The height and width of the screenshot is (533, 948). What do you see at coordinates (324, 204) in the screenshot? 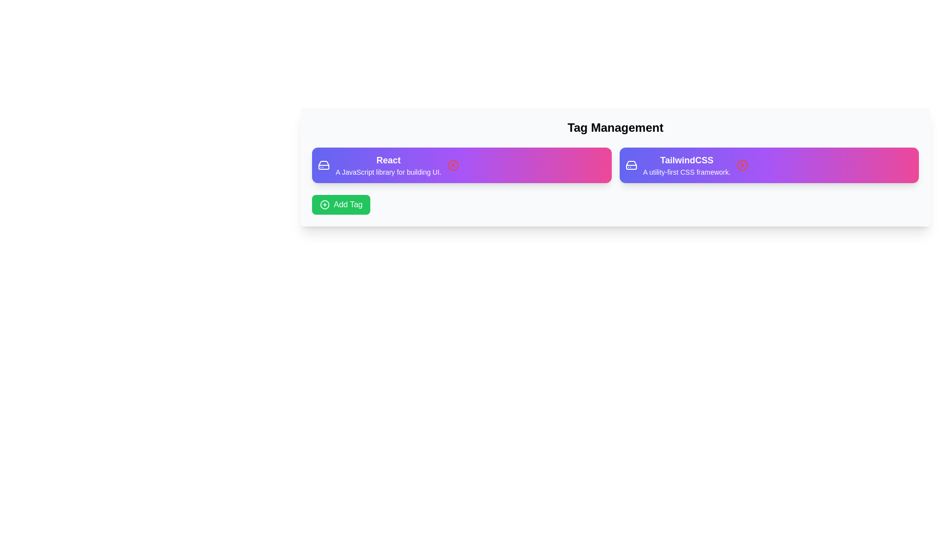
I see `the outermost circle of the 'Add Tag' button, which forms the circular boundary around the plus sign icon` at bounding box center [324, 204].